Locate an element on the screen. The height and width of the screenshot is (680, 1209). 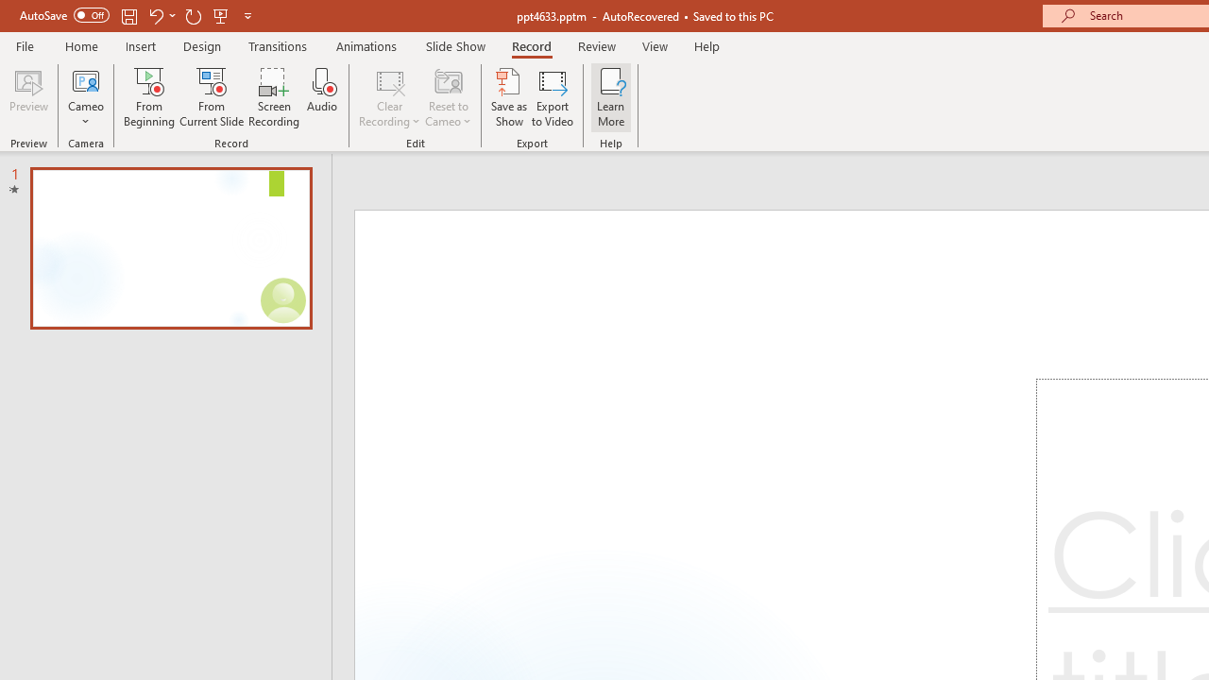
'Animations' is located at coordinates (366, 45).